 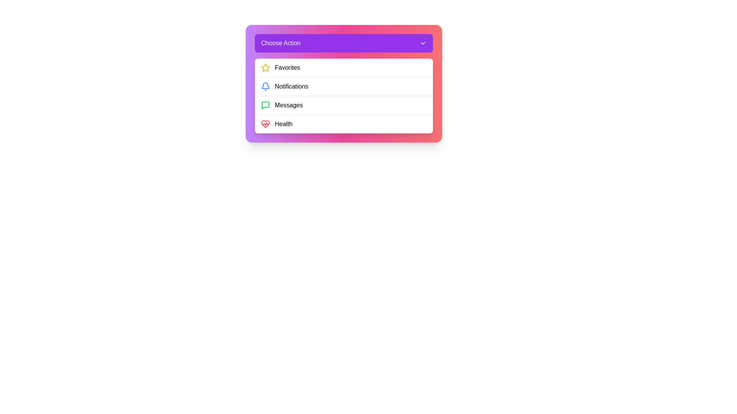 I want to click on the 'Messages' option in the dropdown menu, so click(x=288, y=105).